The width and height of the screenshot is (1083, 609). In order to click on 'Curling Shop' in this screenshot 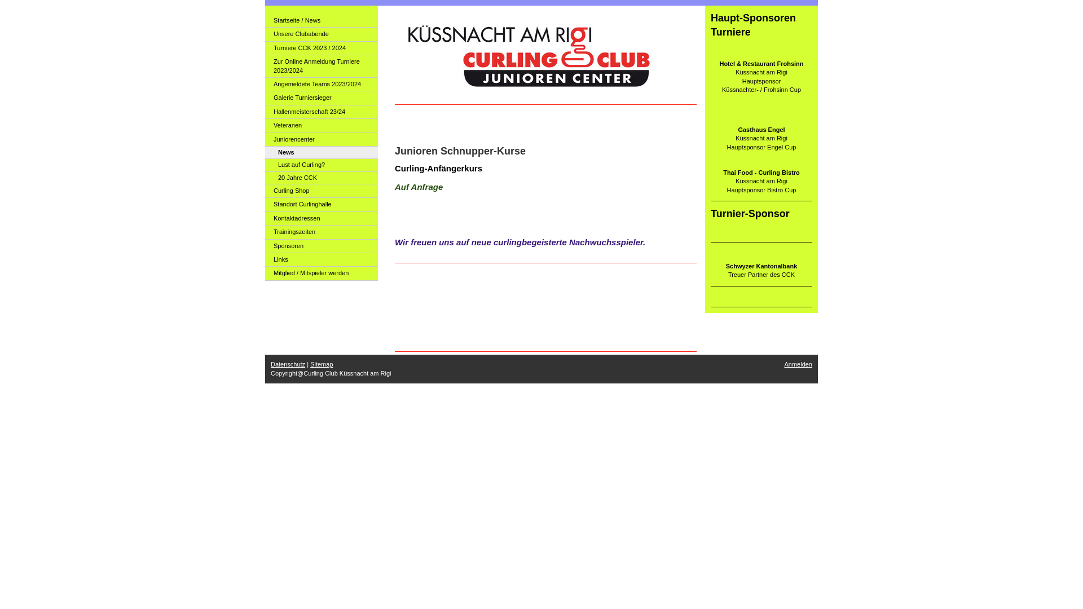, I will do `click(265, 191)`.